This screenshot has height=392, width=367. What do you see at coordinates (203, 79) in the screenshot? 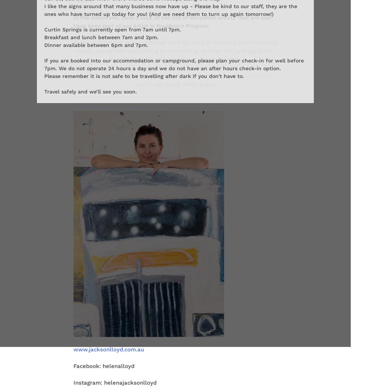
I see `', and on our social media pages.'` at bounding box center [203, 79].